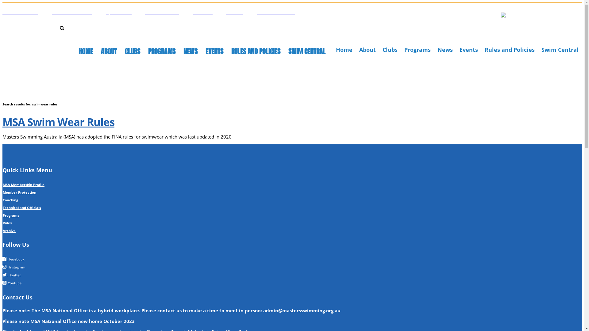  I want to click on 'HOME', so click(85, 51).